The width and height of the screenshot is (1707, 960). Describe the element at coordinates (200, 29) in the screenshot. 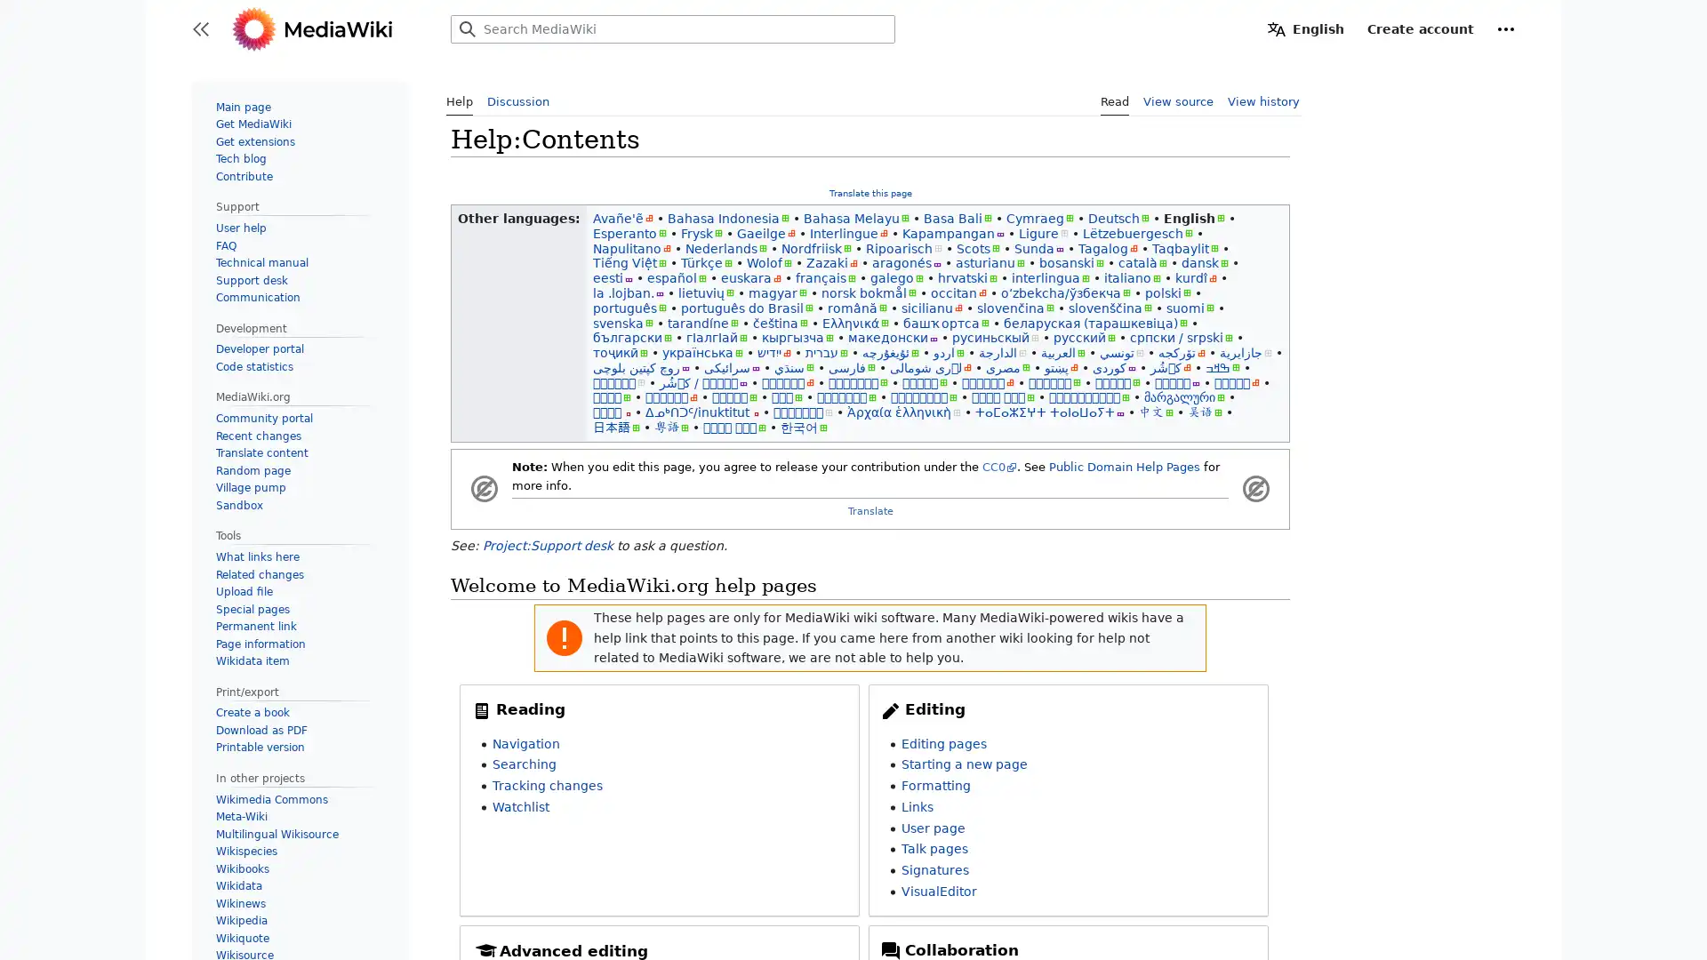

I see `Toggle sidebar` at that location.